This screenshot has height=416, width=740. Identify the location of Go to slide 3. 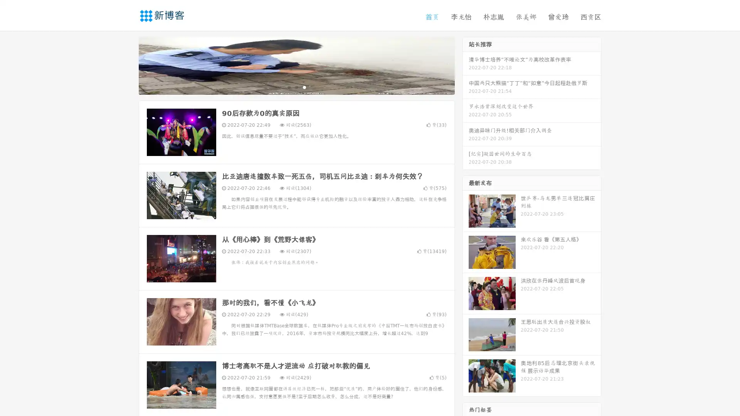
(304, 87).